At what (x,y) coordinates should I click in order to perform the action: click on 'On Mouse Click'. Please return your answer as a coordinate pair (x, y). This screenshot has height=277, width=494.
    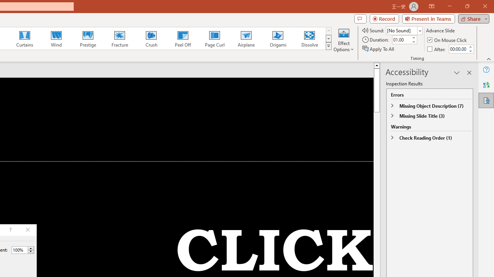
    Looking at the image, I should click on (447, 40).